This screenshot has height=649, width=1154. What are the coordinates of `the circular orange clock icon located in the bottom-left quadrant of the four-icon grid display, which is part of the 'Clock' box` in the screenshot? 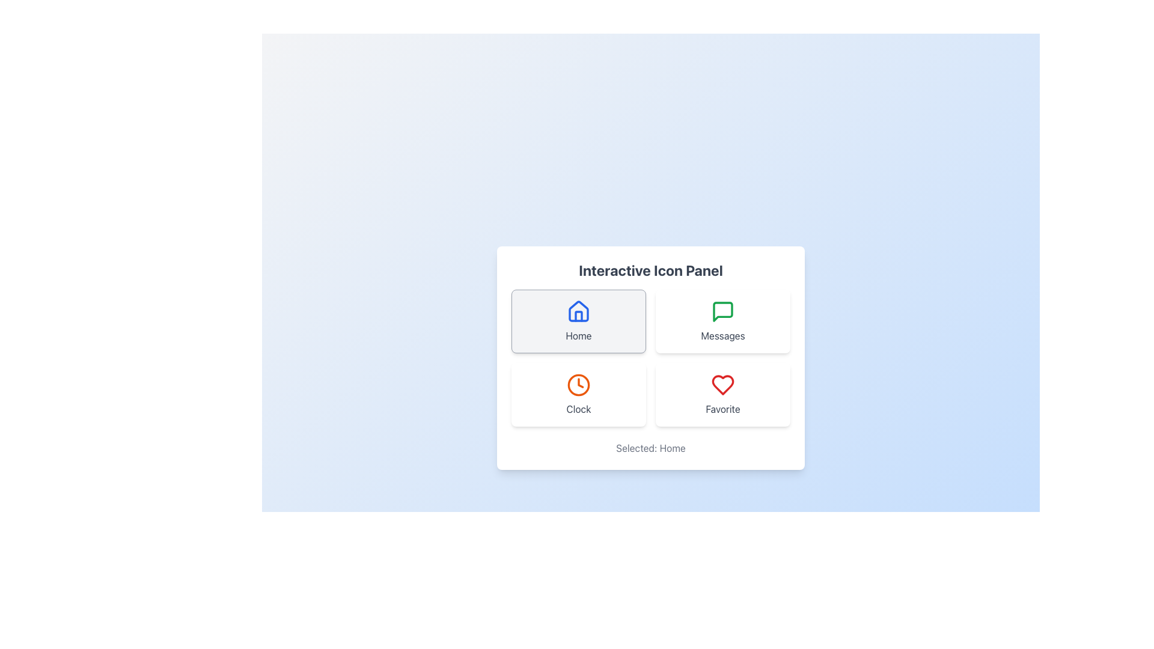 It's located at (579, 385).